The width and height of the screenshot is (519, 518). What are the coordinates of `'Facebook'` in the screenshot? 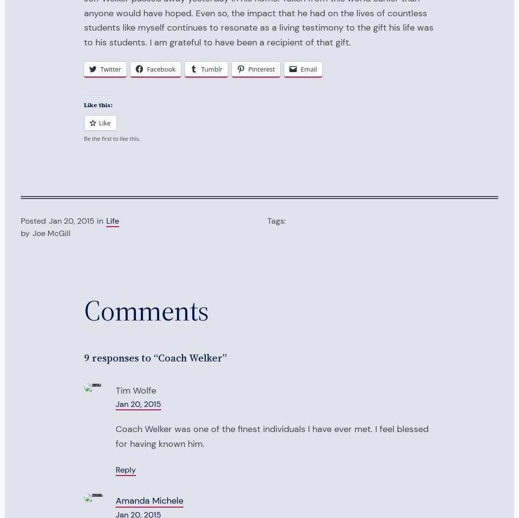 It's located at (161, 69).